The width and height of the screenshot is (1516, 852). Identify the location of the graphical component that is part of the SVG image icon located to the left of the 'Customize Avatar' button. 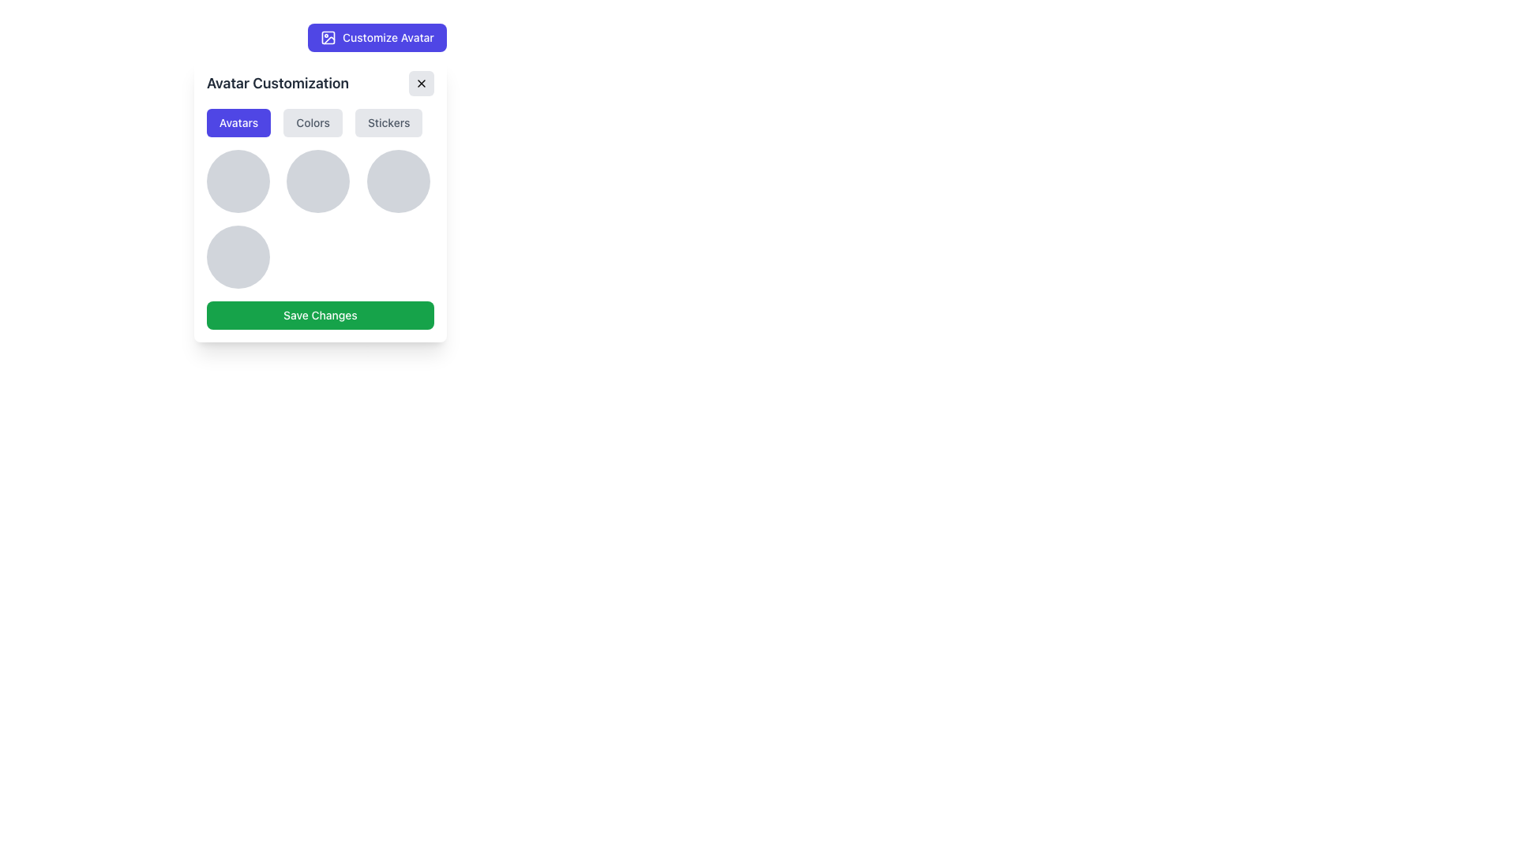
(328, 36).